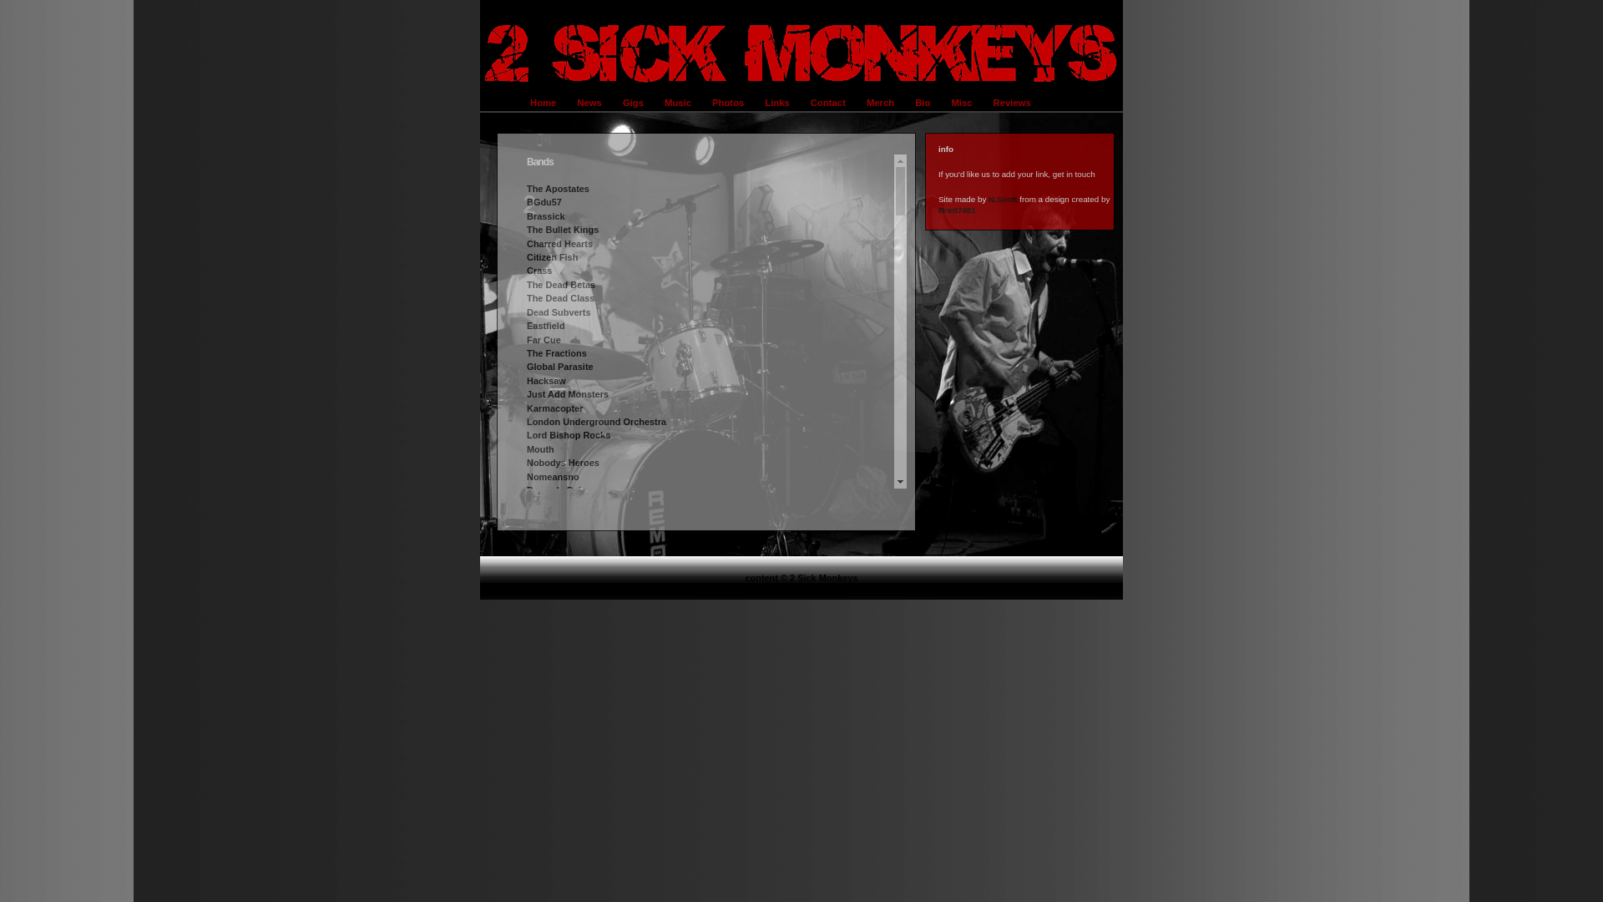 This screenshot has height=902, width=1603. I want to click on 'Revenge Of The Psychotronic Man', so click(525, 545).